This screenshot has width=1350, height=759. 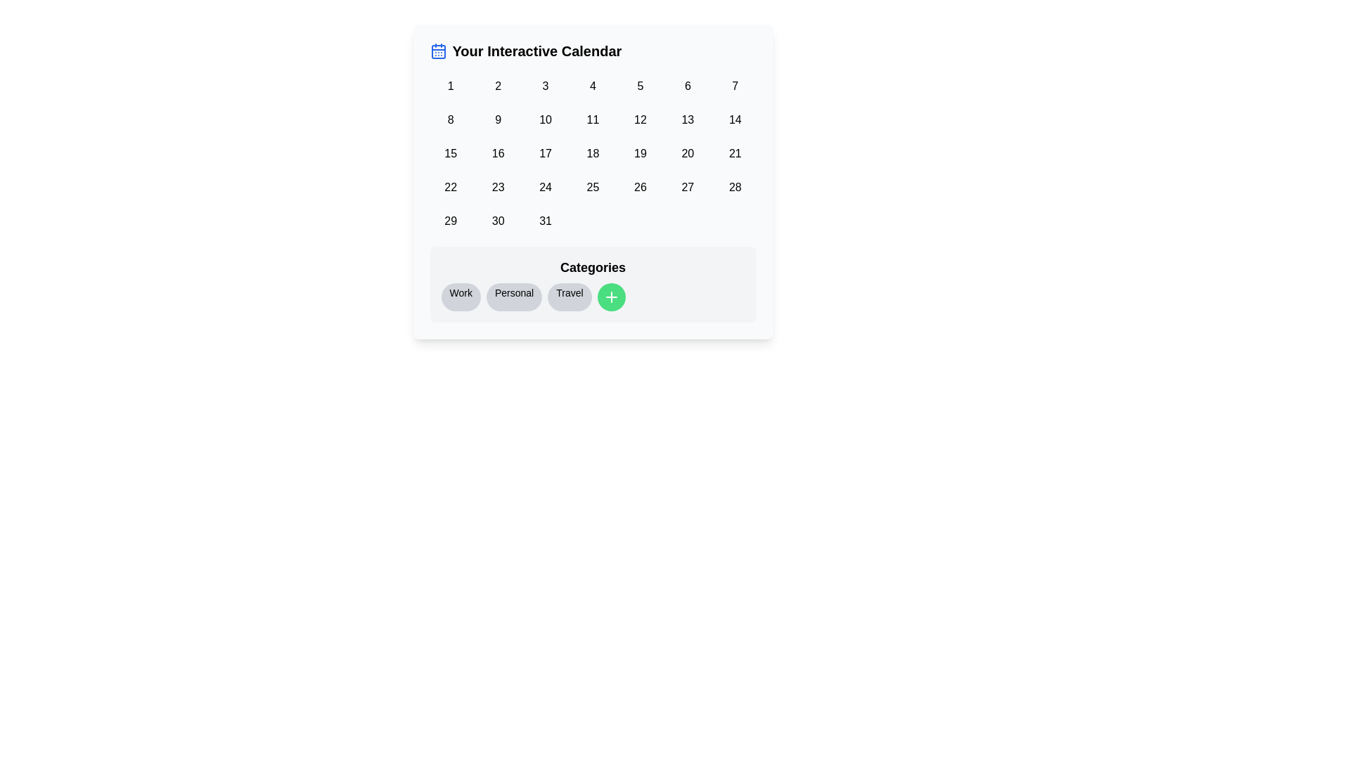 I want to click on the button representing the date '4' in the interactive calendar to change its background color, so click(x=593, y=86).